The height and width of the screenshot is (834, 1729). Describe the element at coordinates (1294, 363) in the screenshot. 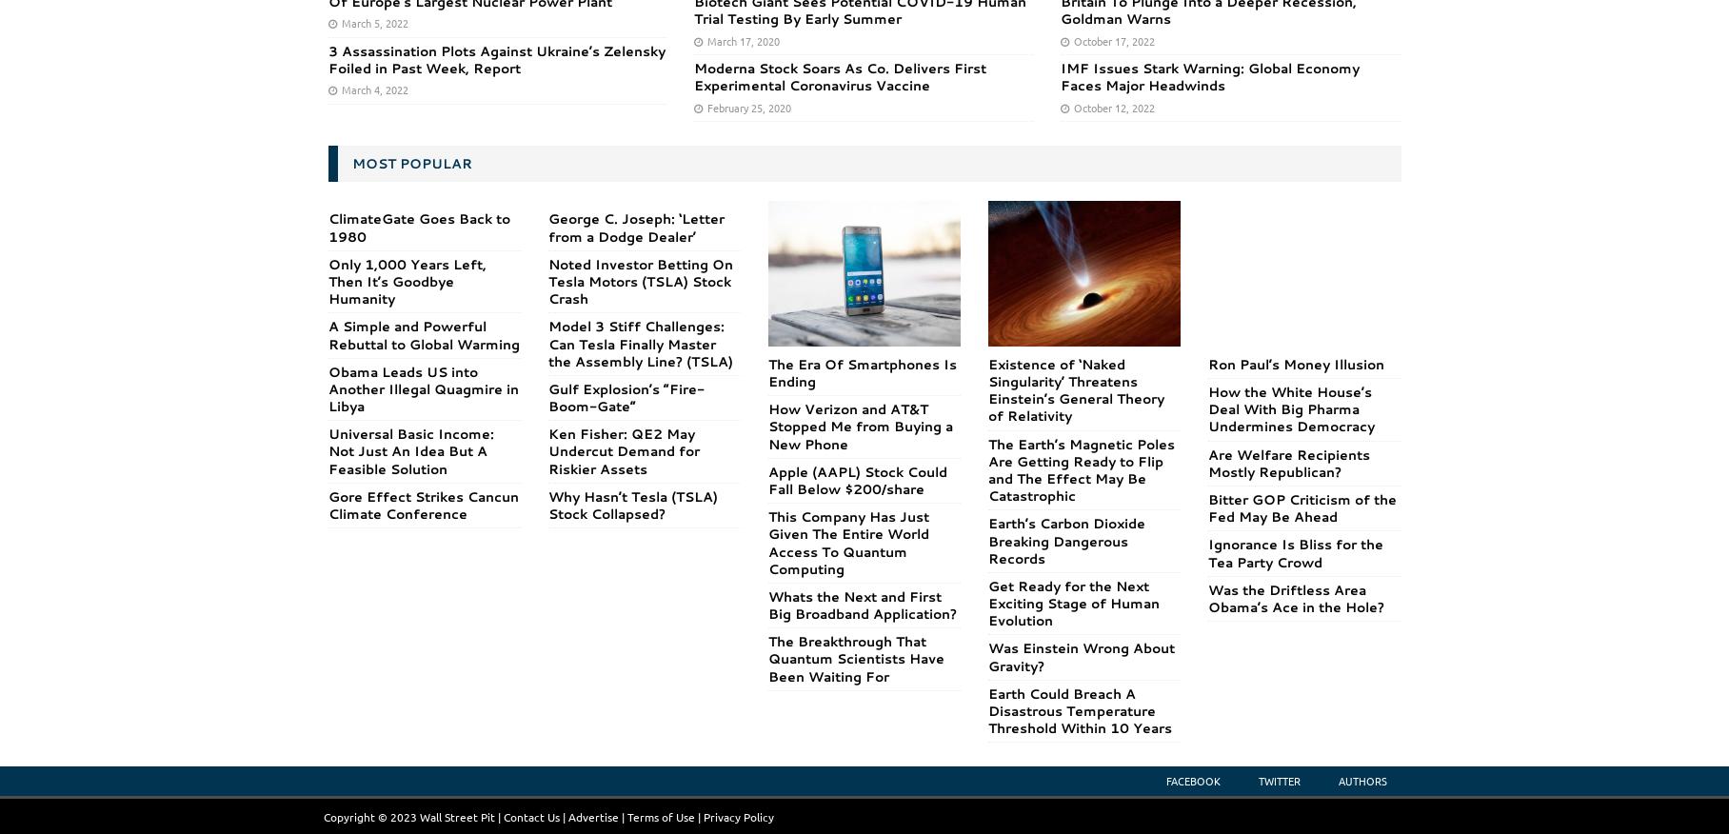

I see `'Ron Paul’s Money Illusion'` at that location.